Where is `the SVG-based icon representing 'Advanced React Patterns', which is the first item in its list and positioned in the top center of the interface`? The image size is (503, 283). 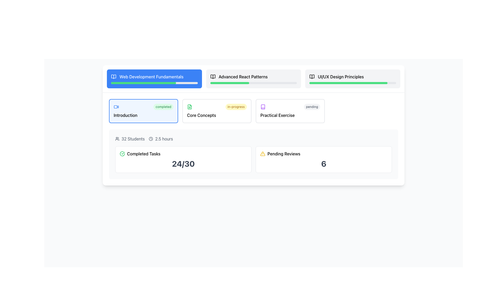 the SVG-based icon representing 'Advanced React Patterns', which is the first item in its list and positioned in the top center of the interface is located at coordinates (213, 77).